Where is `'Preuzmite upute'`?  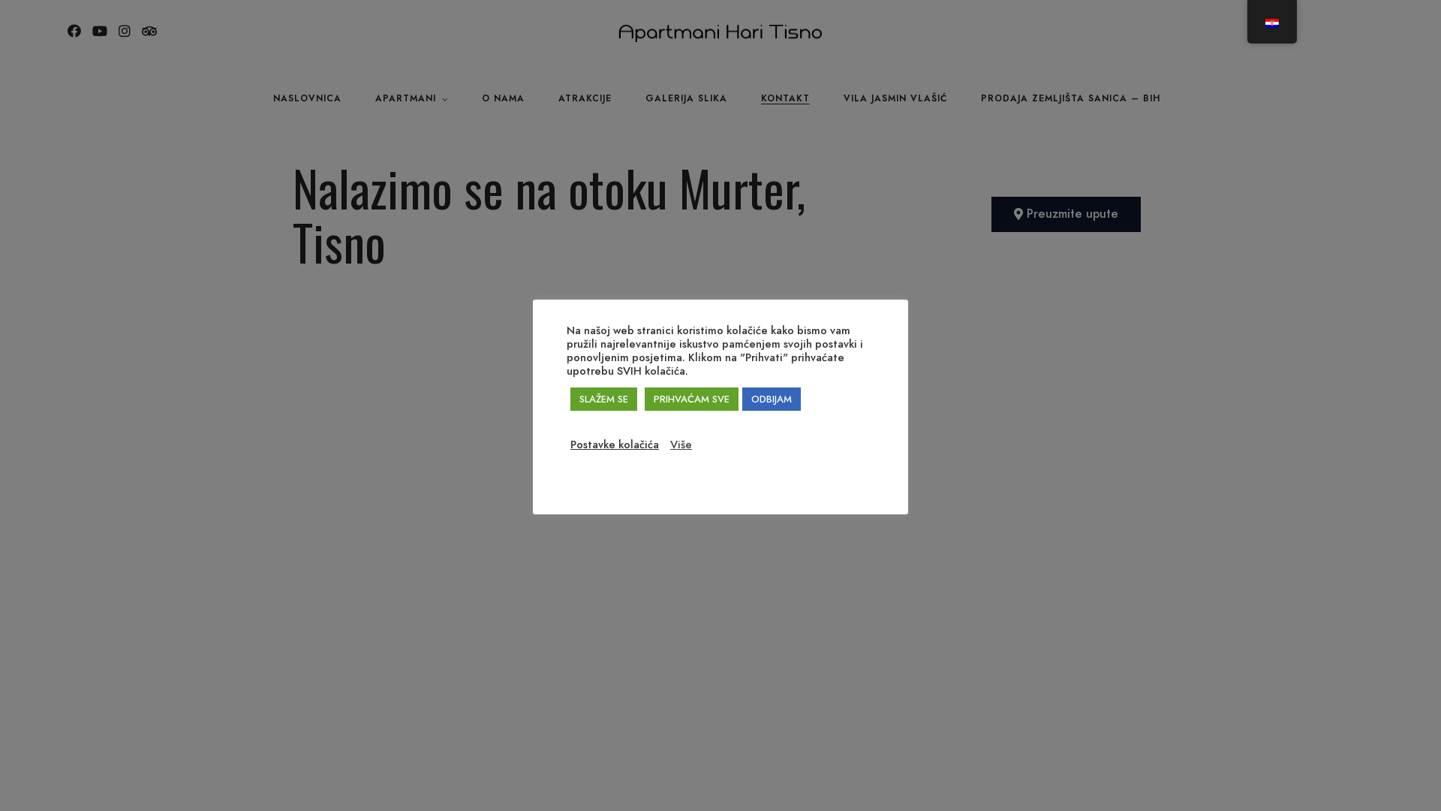
'Preuzmite upute' is located at coordinates (1065, 214).